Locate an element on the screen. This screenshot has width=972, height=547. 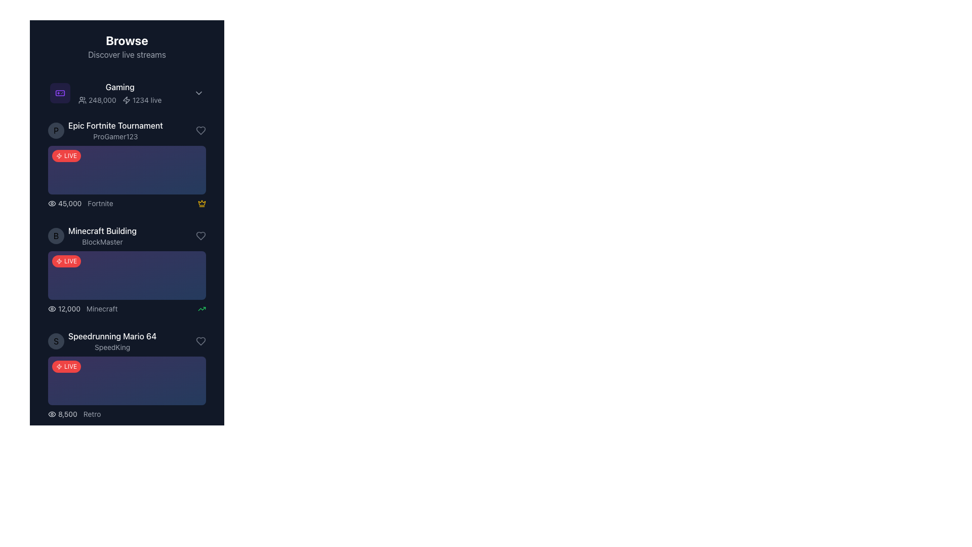
the heart-shaped icon representing the like feature, located at the far-right end of the fourth list item is located at coordinates (201, 341).